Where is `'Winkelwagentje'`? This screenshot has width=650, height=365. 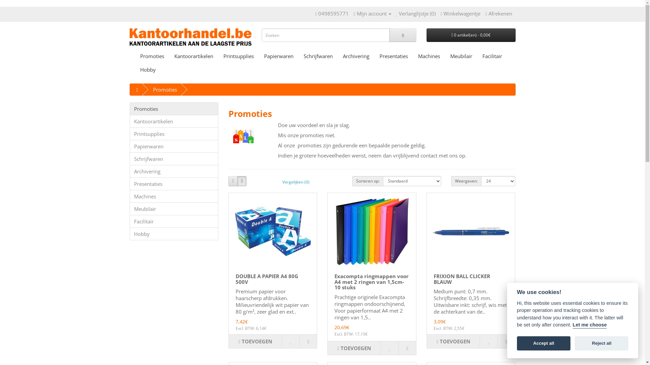 'Winkelwagentje' is located at coordinates (440, 13).